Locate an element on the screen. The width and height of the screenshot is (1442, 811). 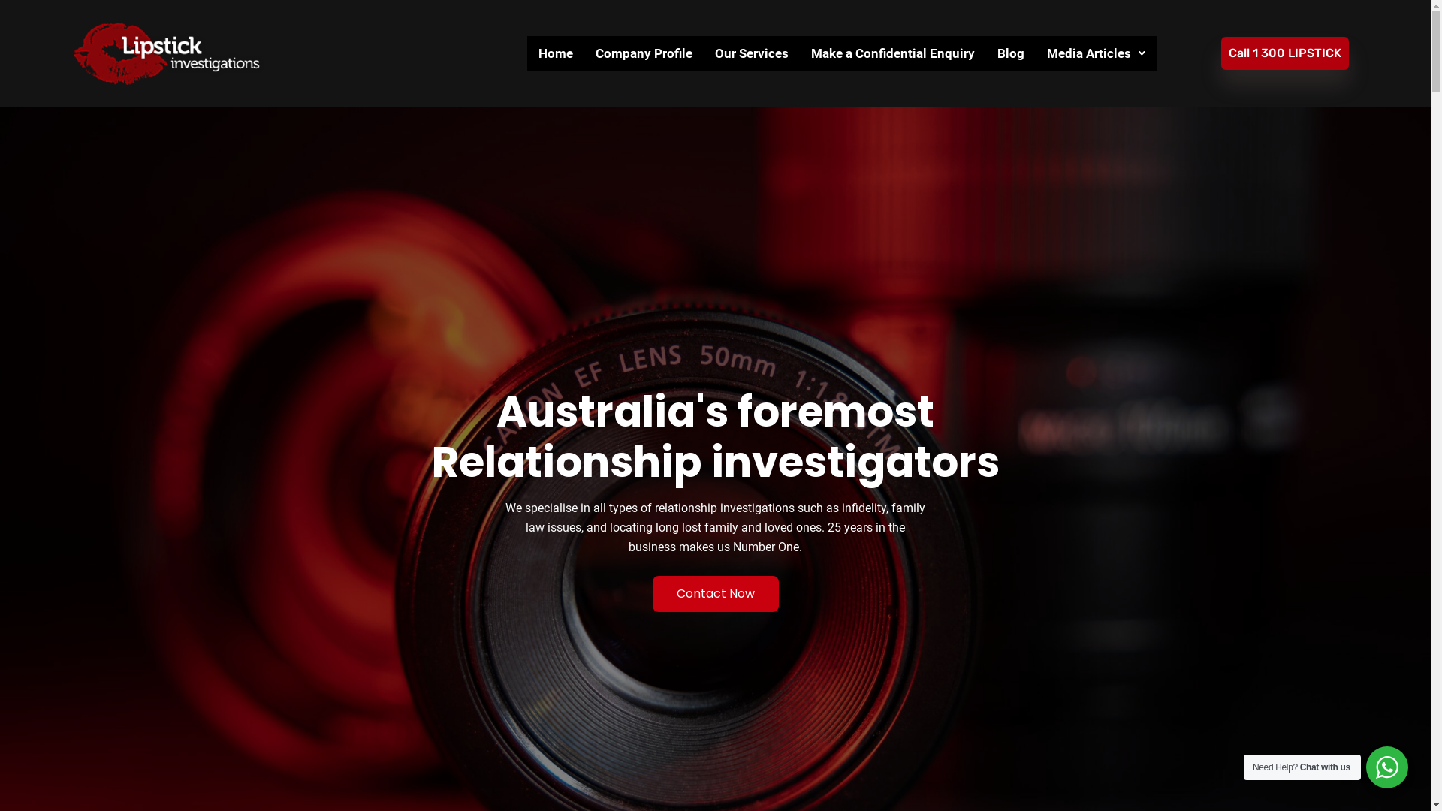
'Home' is located at coordinates (554, 53).